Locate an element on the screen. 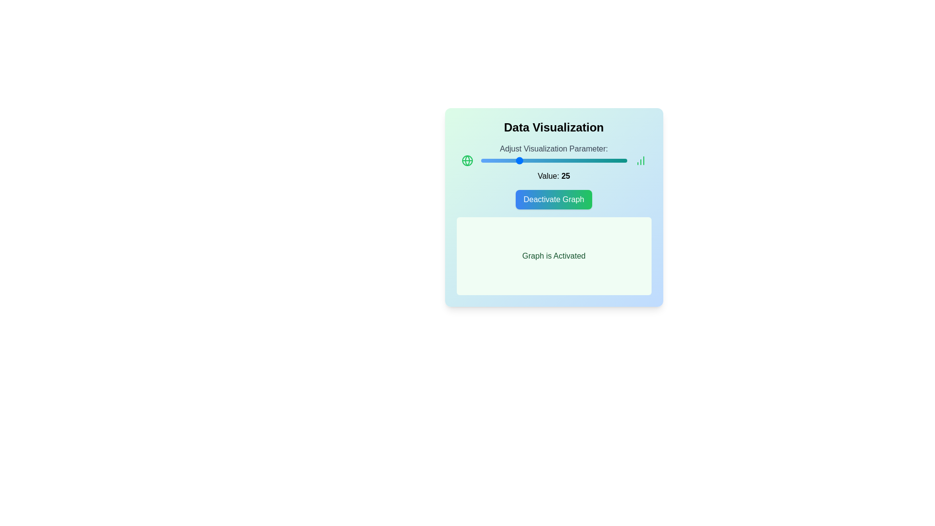 The image size is (935, 526). the visualization parameter to 1 by adjusting the slider is located at coordinates (482, 160).